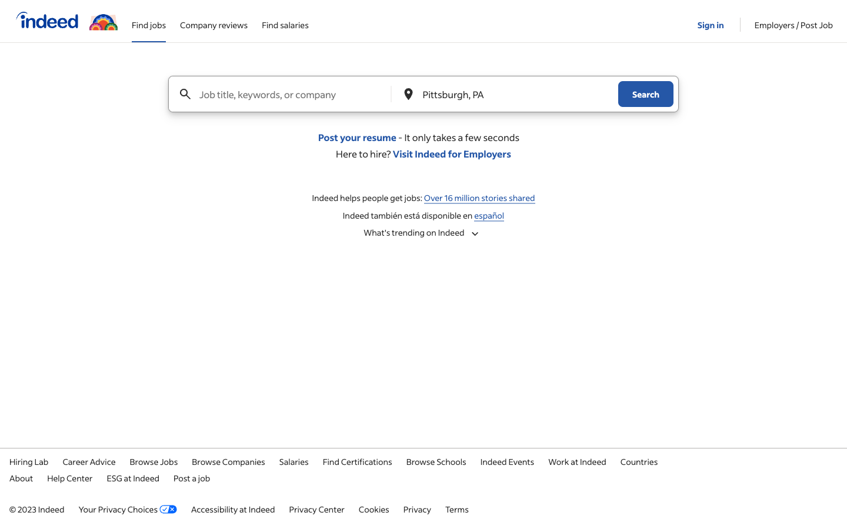 The width and height of the screenshot is (847, 529). I want to click on the job destination to New York, so click(506, 94).